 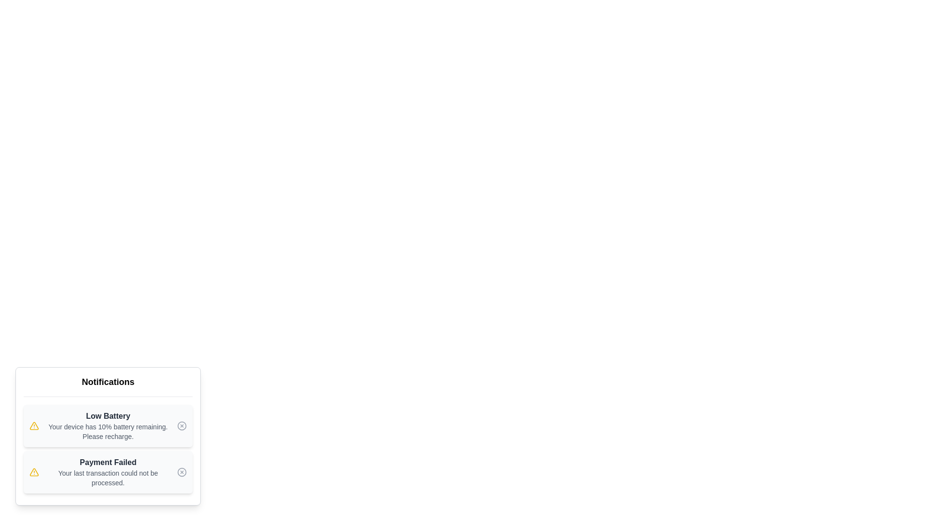 I want to click on message from the notification box titled 'Low Battery' which contains the text 'Your device has 10% battery remaining. Please recharge.', so click(x=108, y=425).